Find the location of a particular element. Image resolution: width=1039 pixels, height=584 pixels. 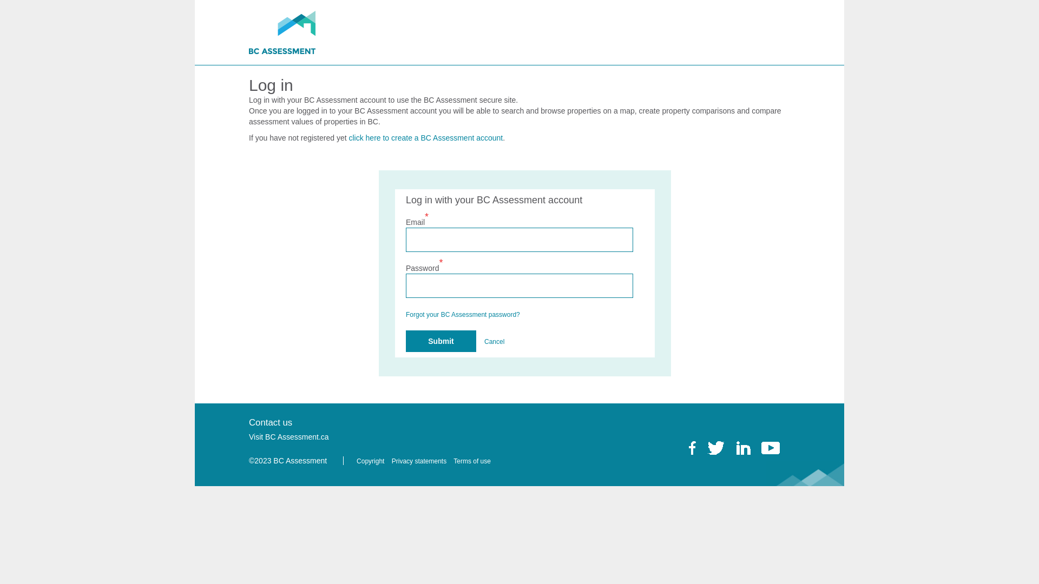

'Visit BC Assessment.ca' is located at coordinates (291, 436).